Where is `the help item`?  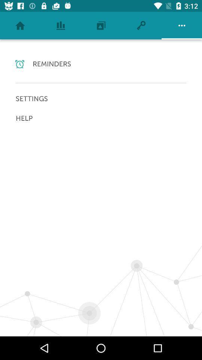
the help item is located at coordinates (101, 118).